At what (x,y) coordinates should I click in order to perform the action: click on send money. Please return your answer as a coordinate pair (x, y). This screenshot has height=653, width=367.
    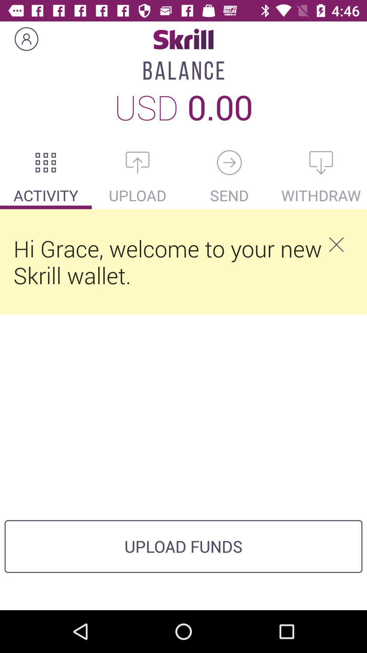
    Looking at the image, I should click on (229, 162).